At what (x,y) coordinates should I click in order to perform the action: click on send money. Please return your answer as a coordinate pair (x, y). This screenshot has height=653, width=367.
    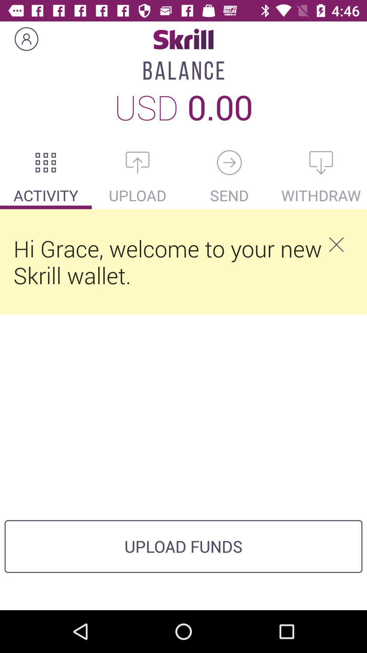
    Looking at the image, I should click on (229, 162).